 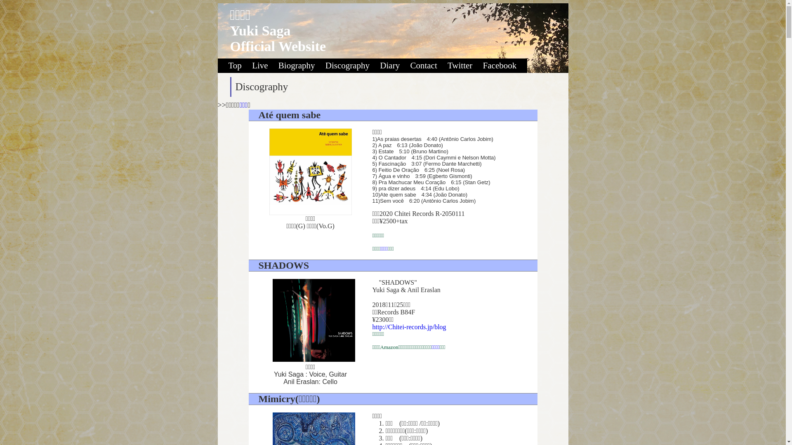 What do you see at coordinates (410, 65) in the screenshot?
I see `'Contact'` at bounding box center [410, 65].